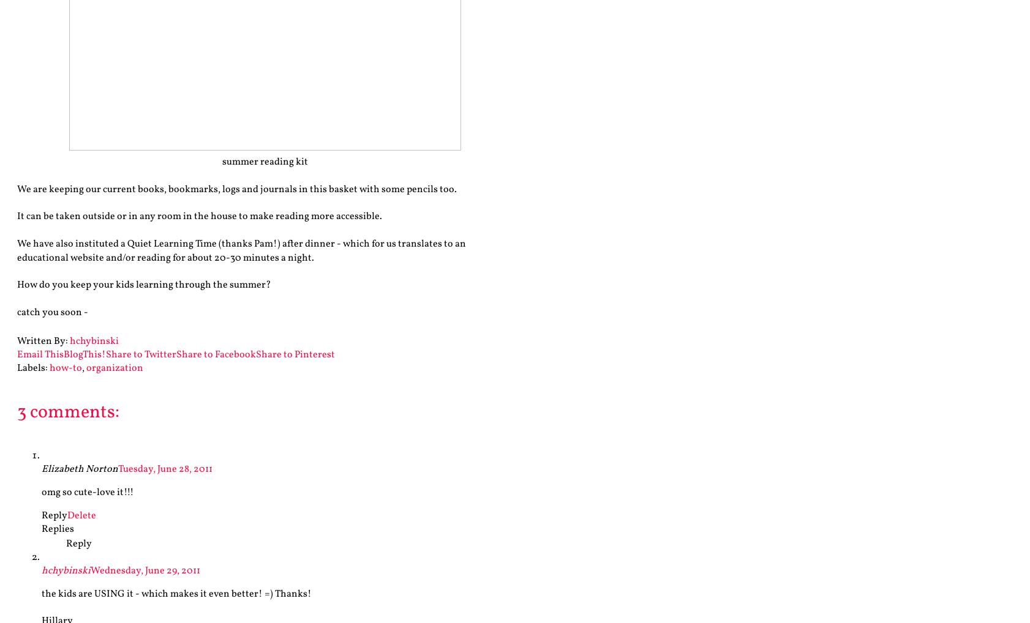 The height and width of the screenshot is (623, 1030). What do you see at coordinates (114, 368) in the screenshot?
I see `'organization'` at bounding box center [114, 368].